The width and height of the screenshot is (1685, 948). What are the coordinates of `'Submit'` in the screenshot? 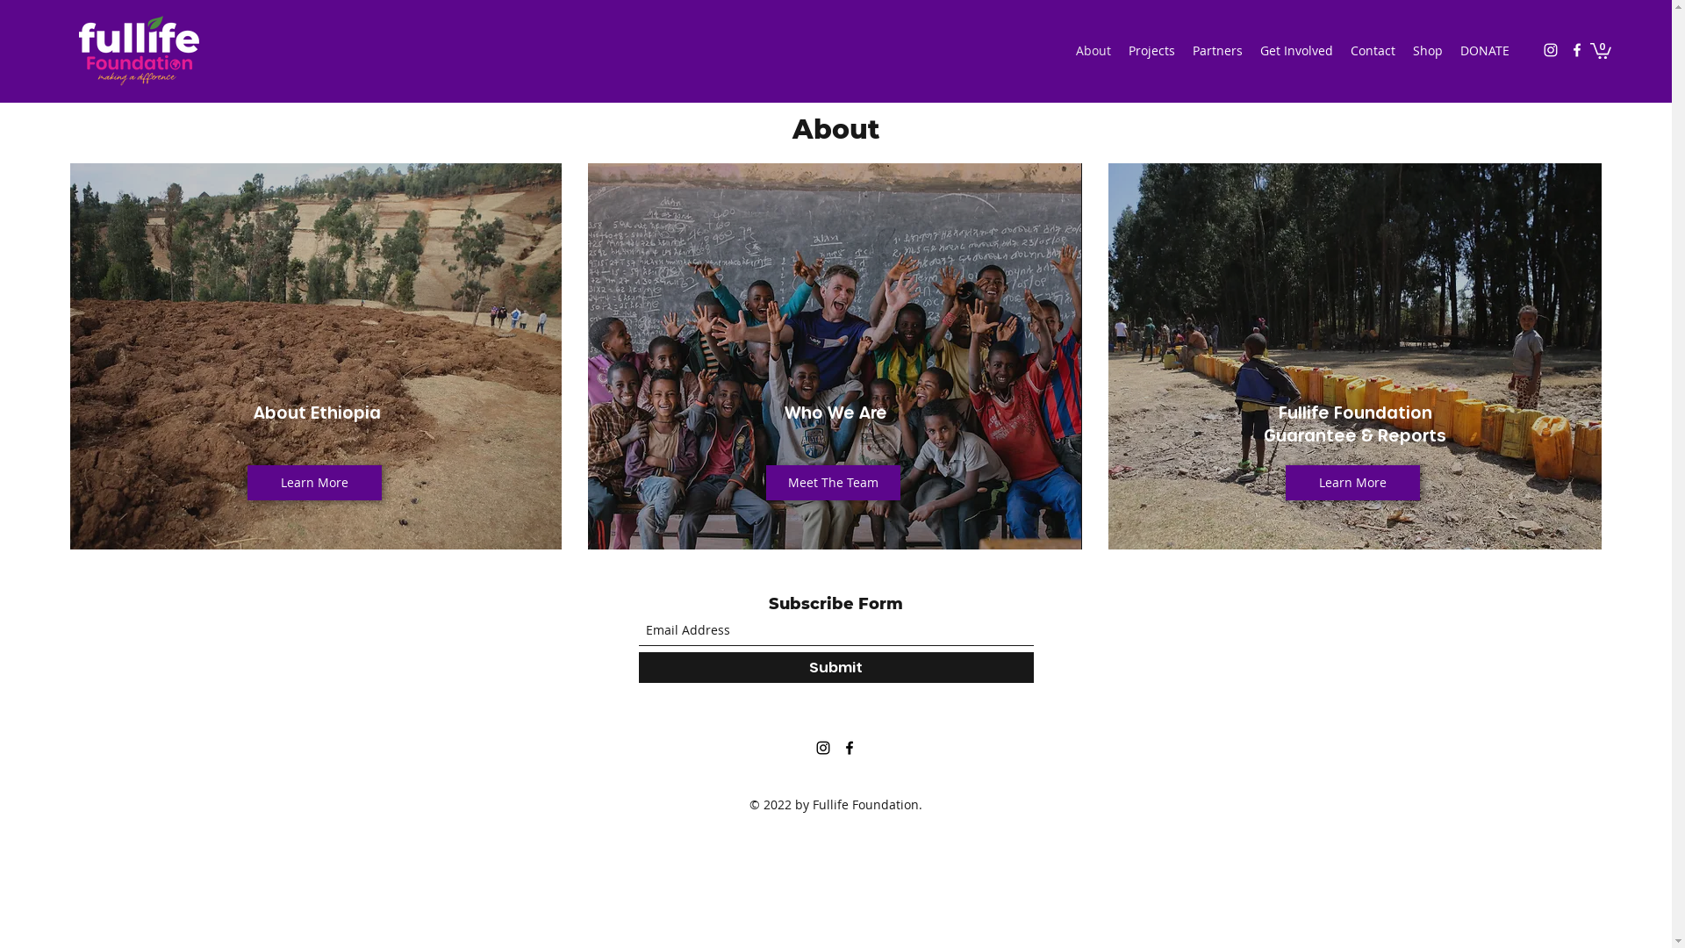 It's located at (835, 666).